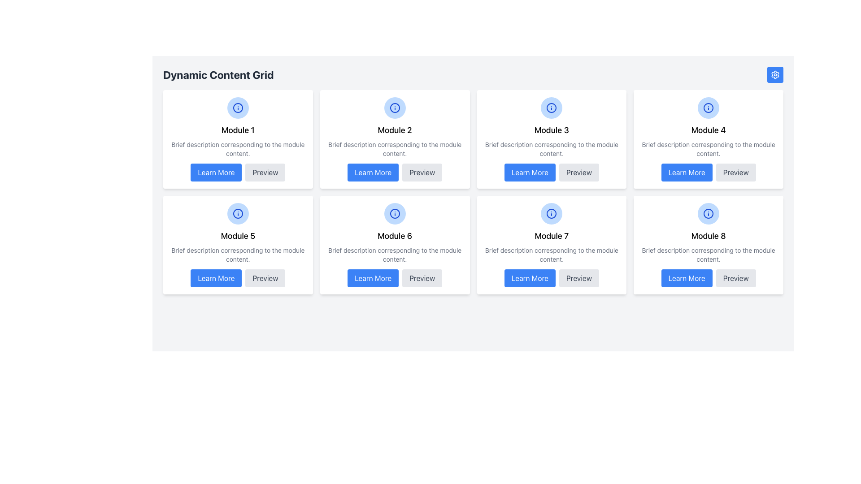  What do you see at coordinates (708, 214) in the screenshot?
I see `the Information Icon located at the bottom-right corner of the eighth module, which is centered within a blue circular area` at bounding box center [708, 214].